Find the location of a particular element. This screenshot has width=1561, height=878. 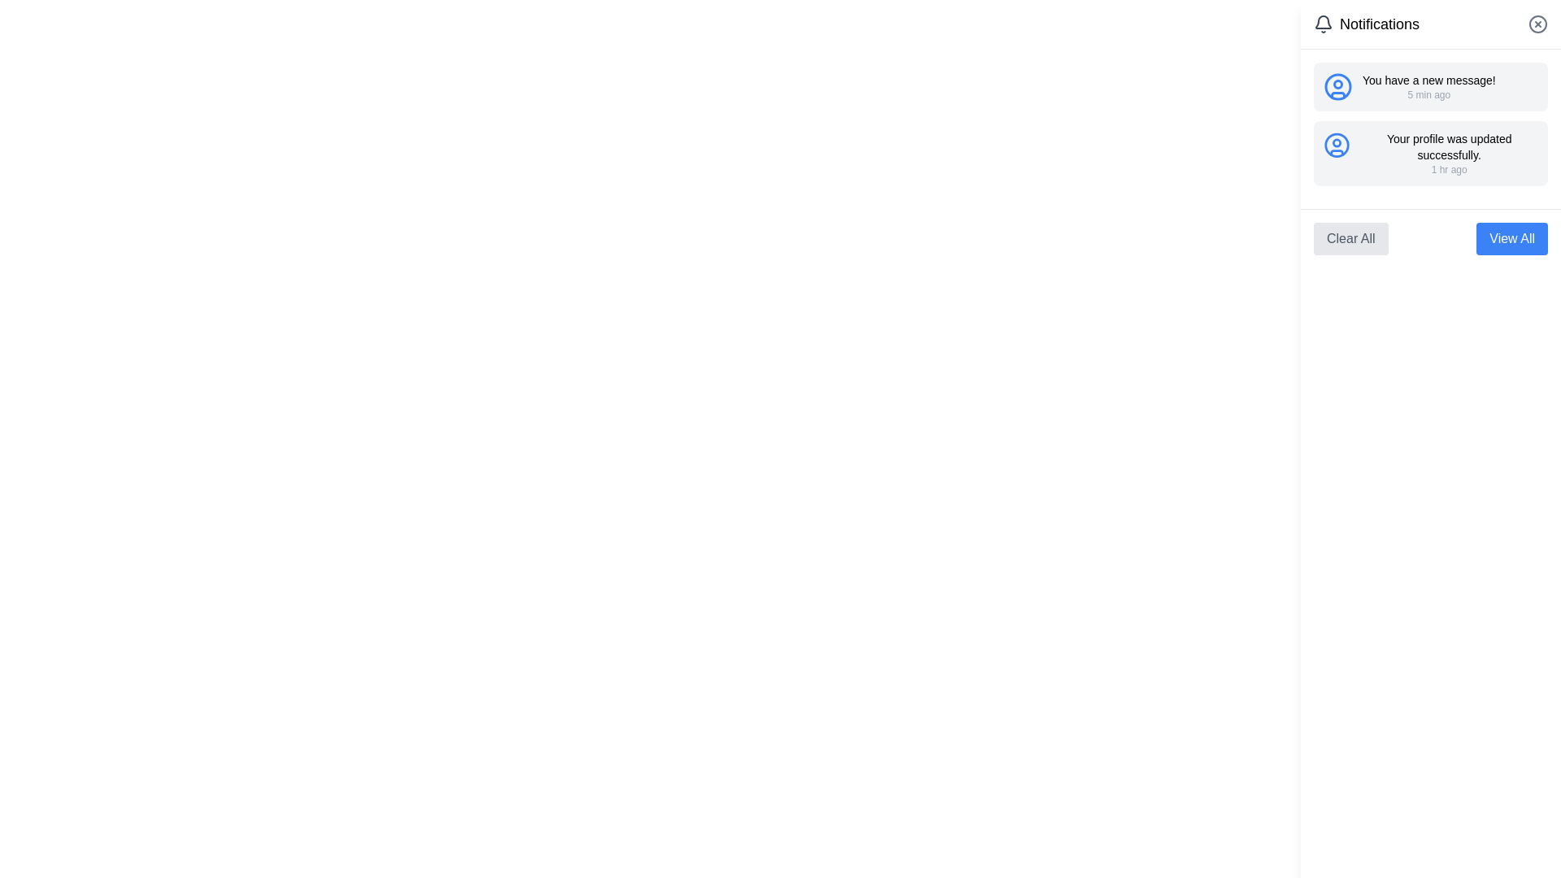

text label that displays 'You have a new message!' located in the first notification card in the top-right corner of the layout, above the timestamp '5 min ago' is located at coordinates (1428, 80).